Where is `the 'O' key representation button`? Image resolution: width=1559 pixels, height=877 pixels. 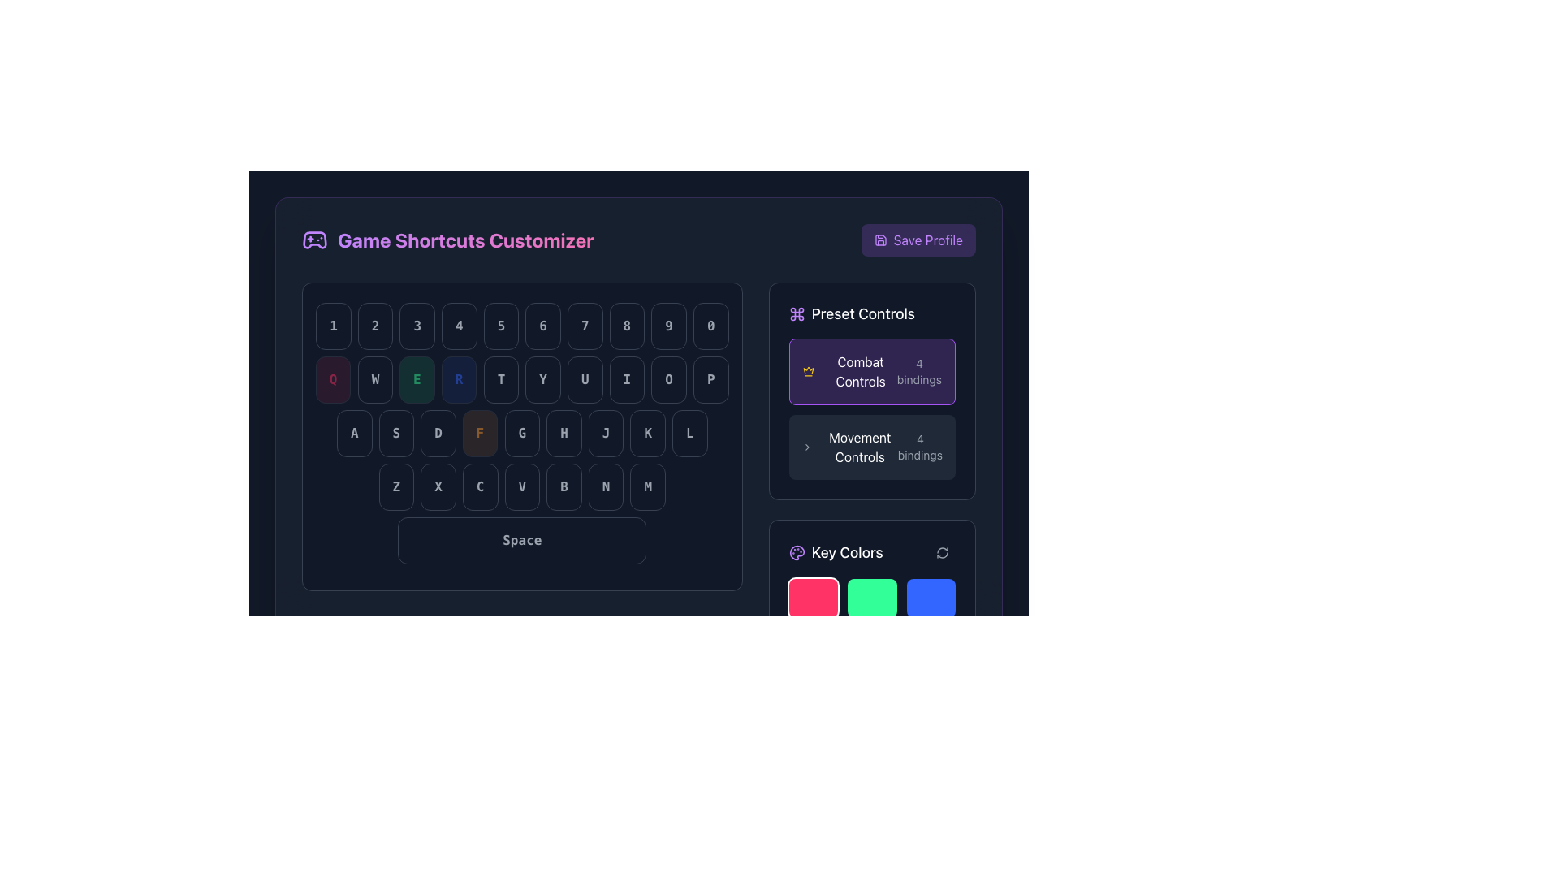 the 'O' key representation button is located at coordinates (669, 379).